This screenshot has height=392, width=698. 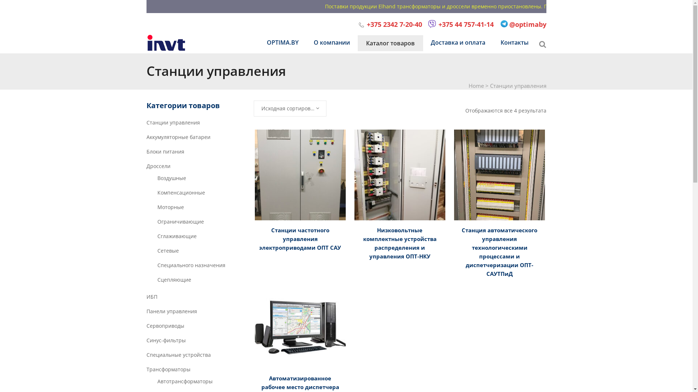 What do you see at coordinates (476, 85) in the screenshot?
I see `'Home'` at bounding box center [476, 85].